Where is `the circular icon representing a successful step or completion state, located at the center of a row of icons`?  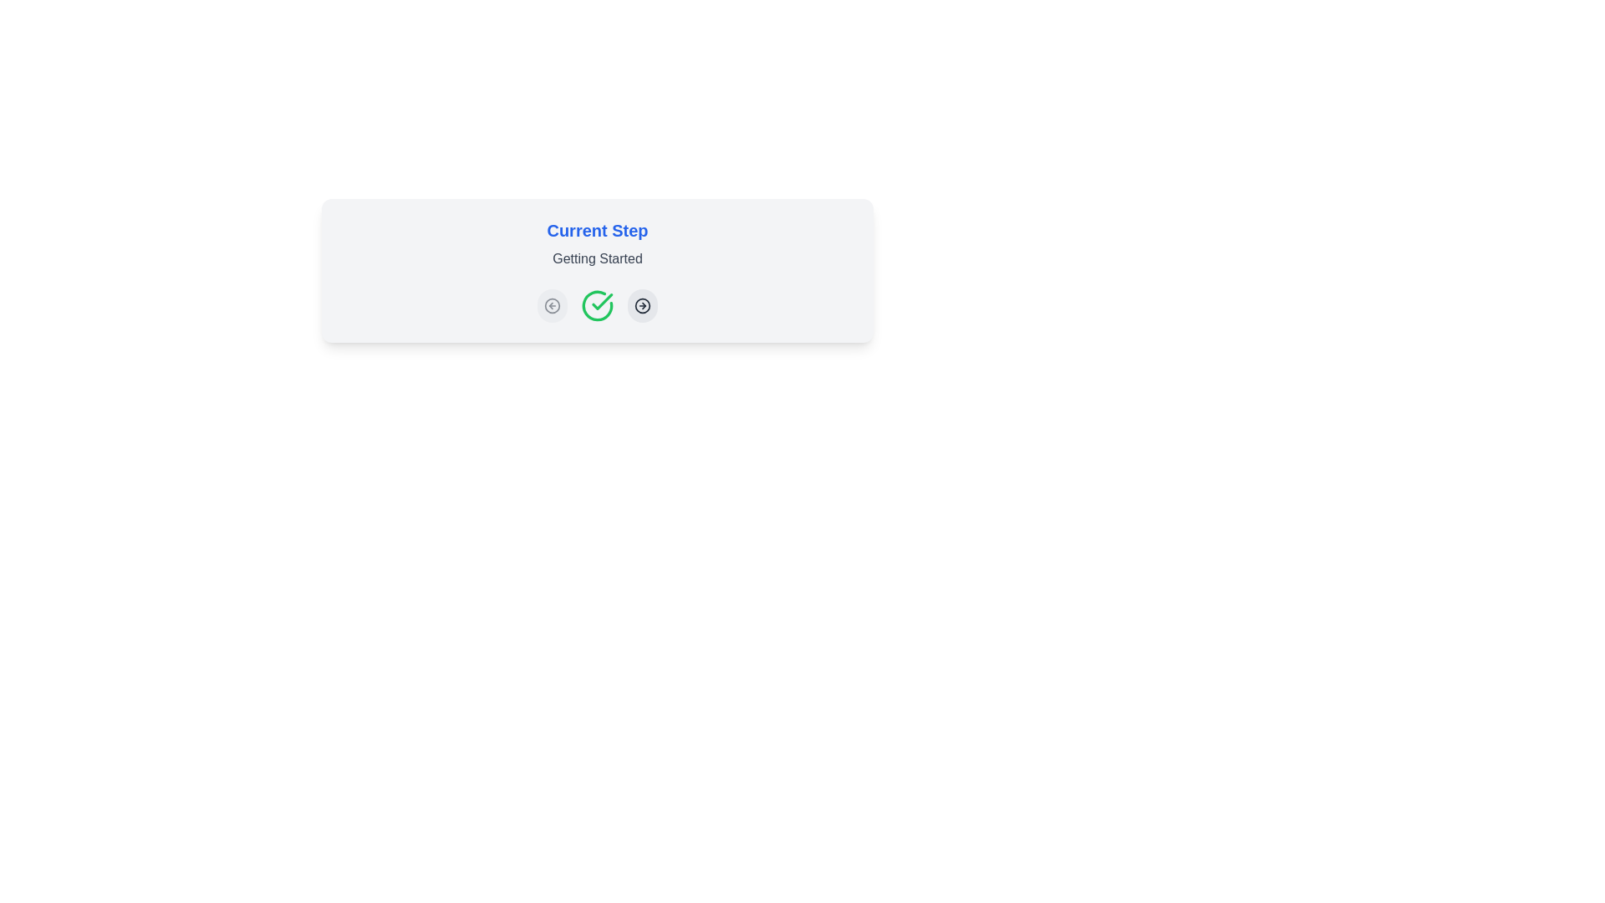 the circular icon representing a successful step or completion state, located at the center of a row of icons is located at coordinates (598, 306).